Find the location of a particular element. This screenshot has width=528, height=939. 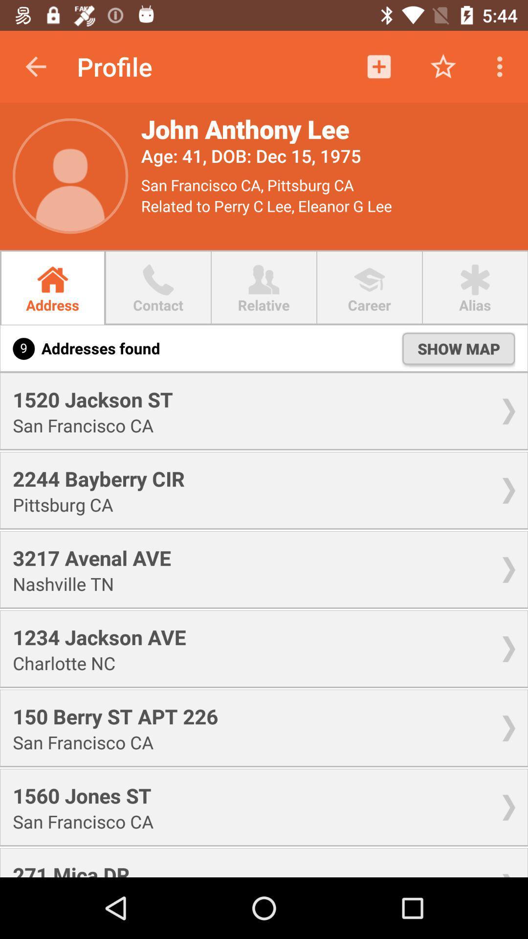

the  icon beside the star icon is located at coordinates (378, 67).